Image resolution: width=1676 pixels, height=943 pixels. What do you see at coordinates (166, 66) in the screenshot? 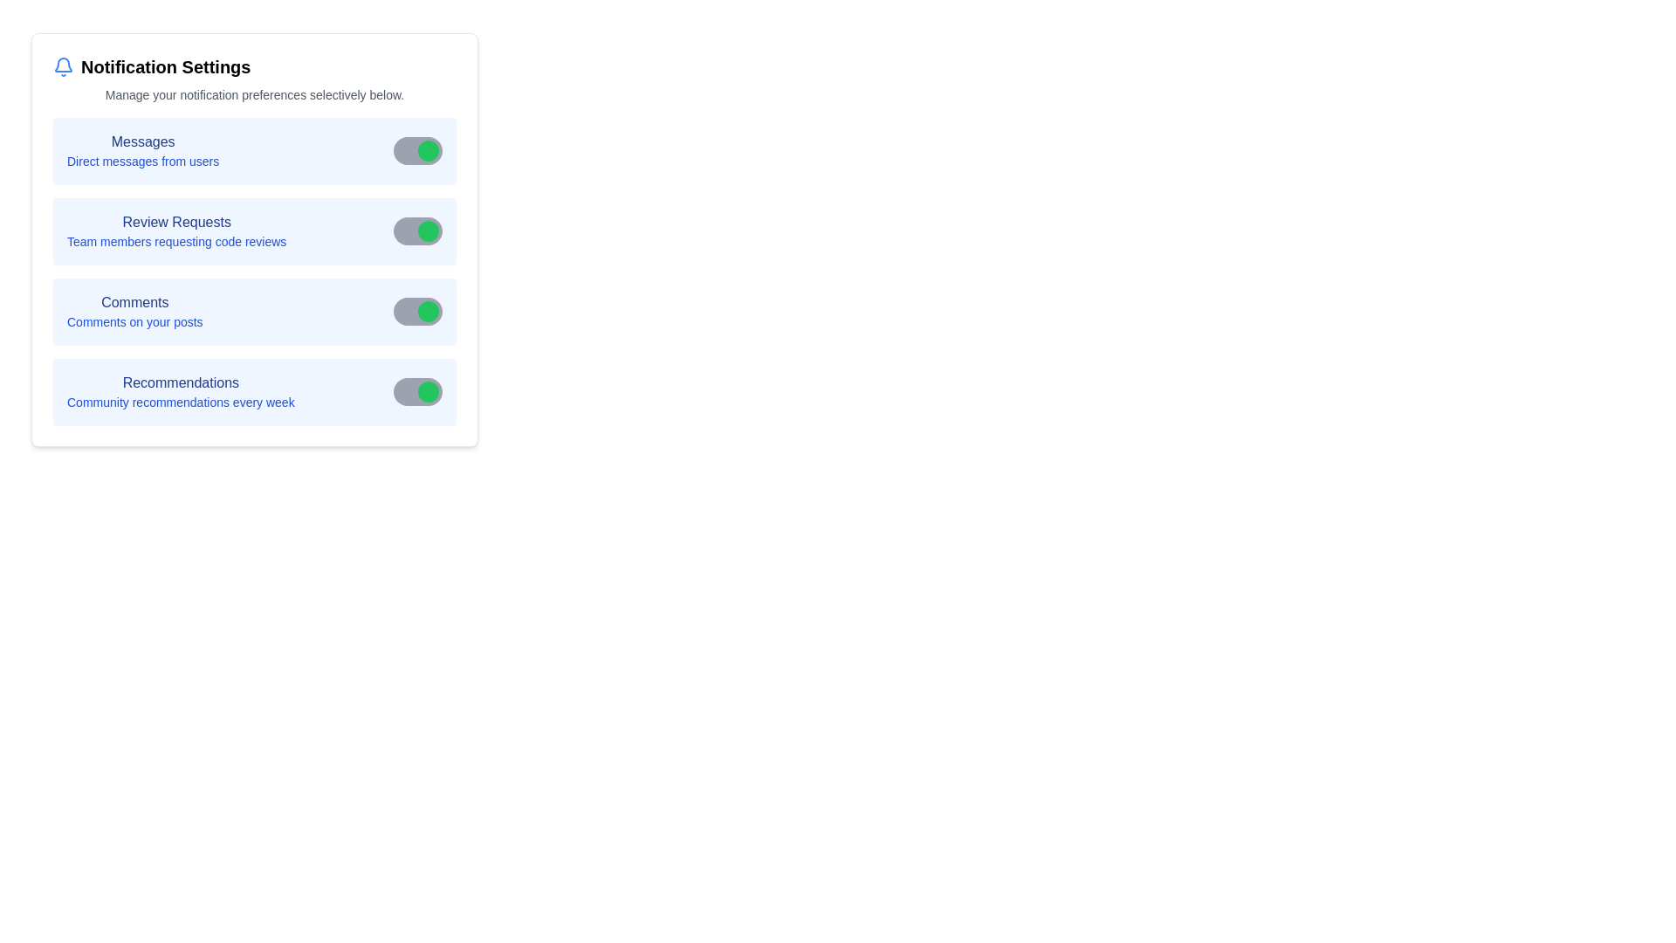
I see `the notification settings section title text label located at the top left of the settings area to access nearby interactive elements` at bounding box center [166, 66].